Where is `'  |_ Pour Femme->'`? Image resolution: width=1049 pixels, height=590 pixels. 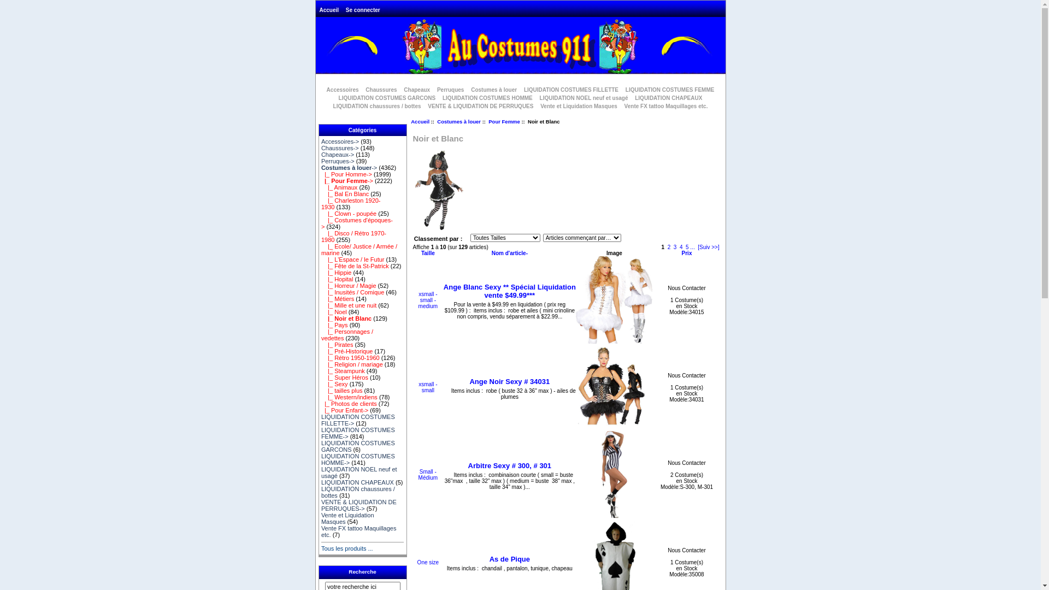
'  |_ Pour Femme->' is located at coordinates (346, 180).